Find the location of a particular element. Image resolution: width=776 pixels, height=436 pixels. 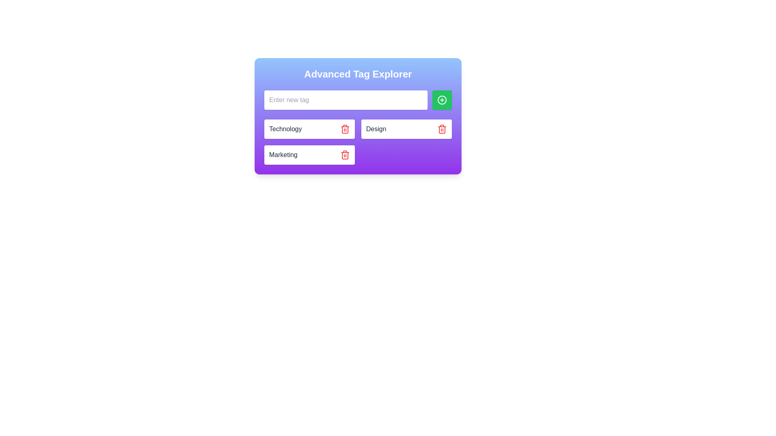

the button located at the far right of the header section, which is used to add a new tag or confirm input in the 'Enter new tag' text field is located at coordinates (442, 99).